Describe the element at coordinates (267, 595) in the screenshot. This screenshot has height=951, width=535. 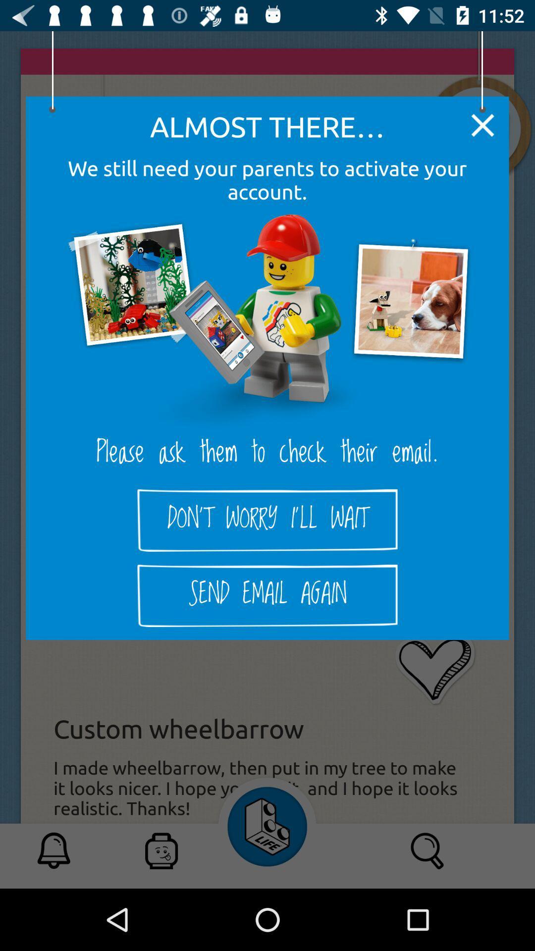
I see `the send email again icon` at that location.